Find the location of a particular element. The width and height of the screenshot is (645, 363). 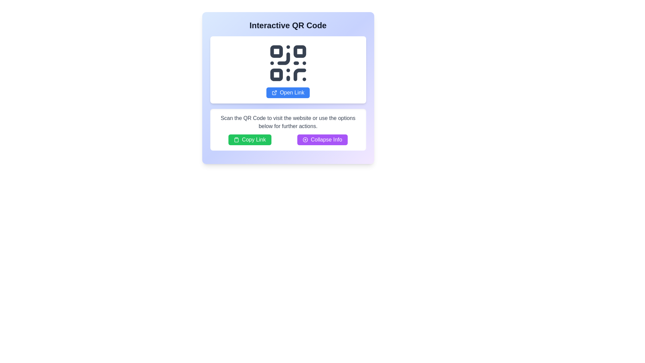

the decorative graphical element located at the top-left small square of the QR code, which is part of the SVG-based design is located at coordinates (276, 51).